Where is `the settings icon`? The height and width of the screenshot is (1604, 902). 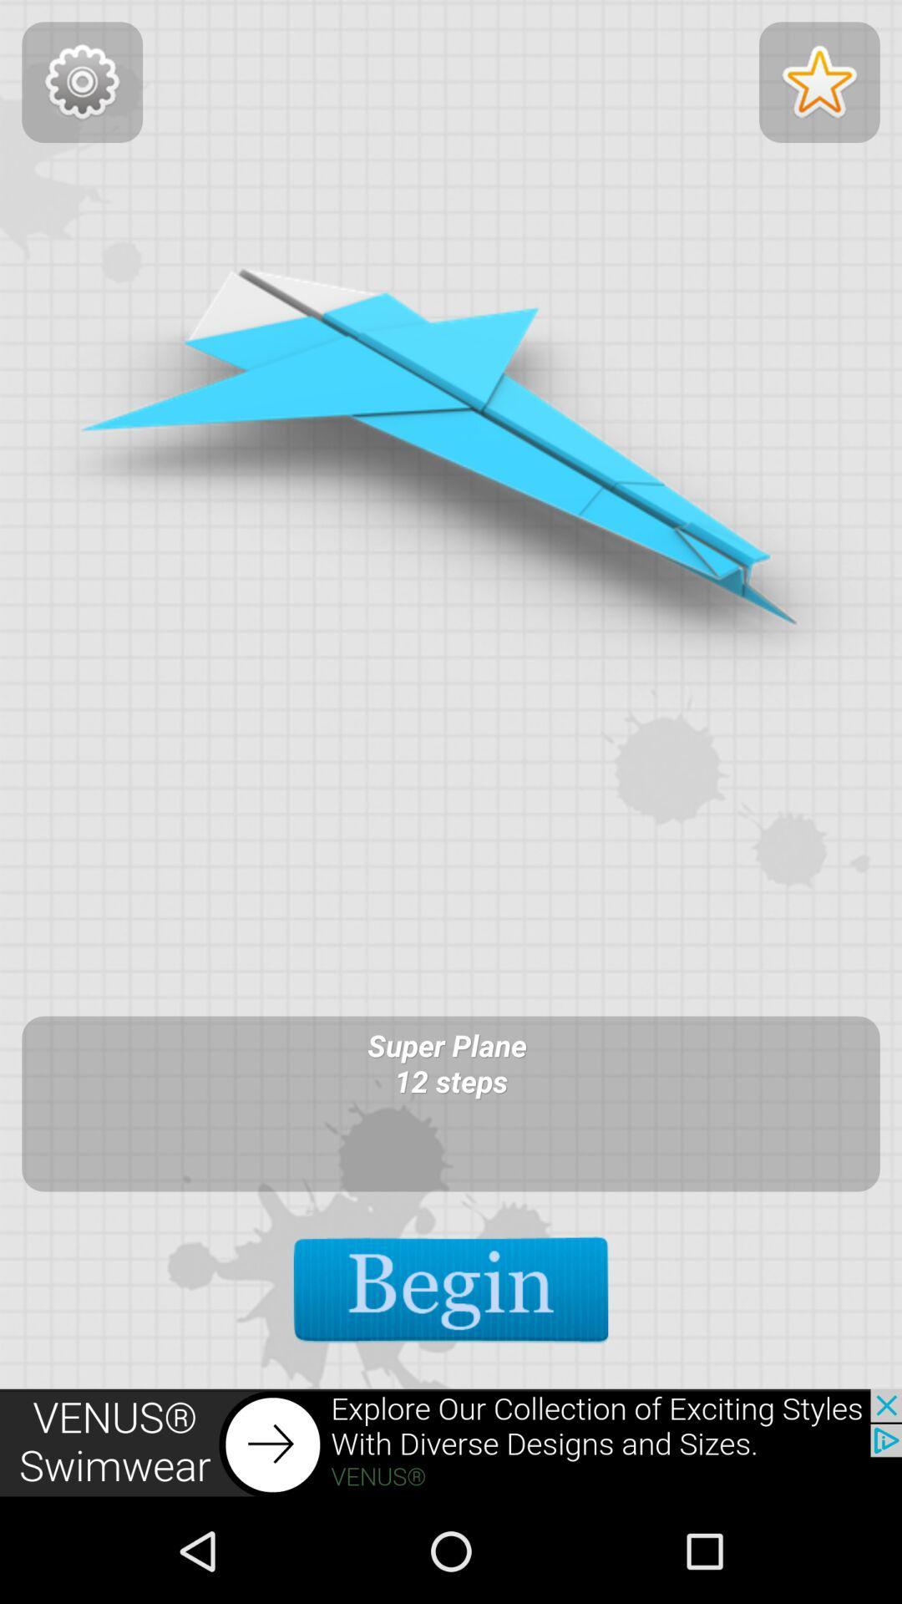 the settings icon is located at coordinates (82, 87).